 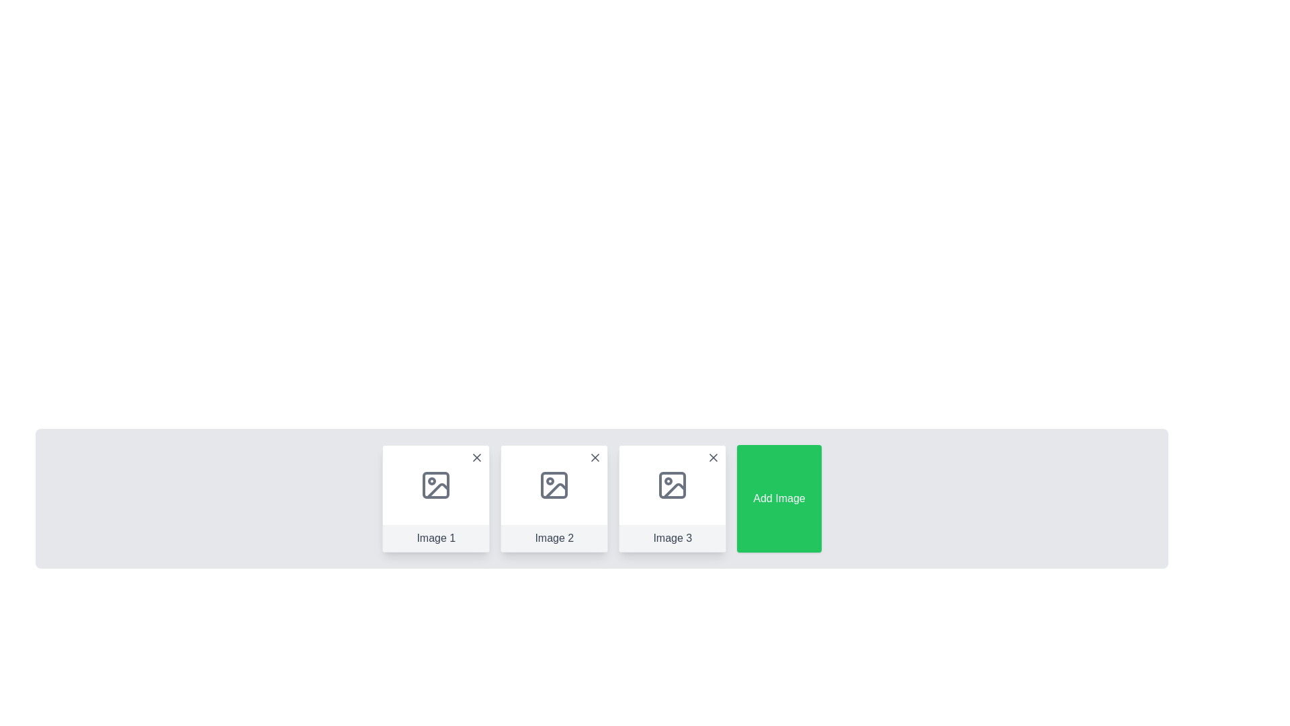 I want to click on the Image placeholder icon located within the card labeled 'Image 2', which features a mountain and sun symbol in a gray outline, to gather visual information, so click(x=554, y=485).